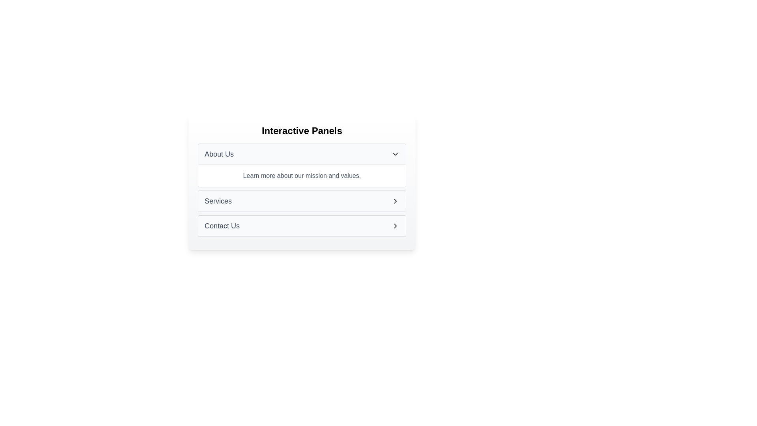 The height and width of the screenshot is (426, 757). I want to click on the 'About Us' text label, which serves as a section header for its associated interactive content, positioned in the upper part of the interface adjacent to a chevron icon, so click(219, 154).